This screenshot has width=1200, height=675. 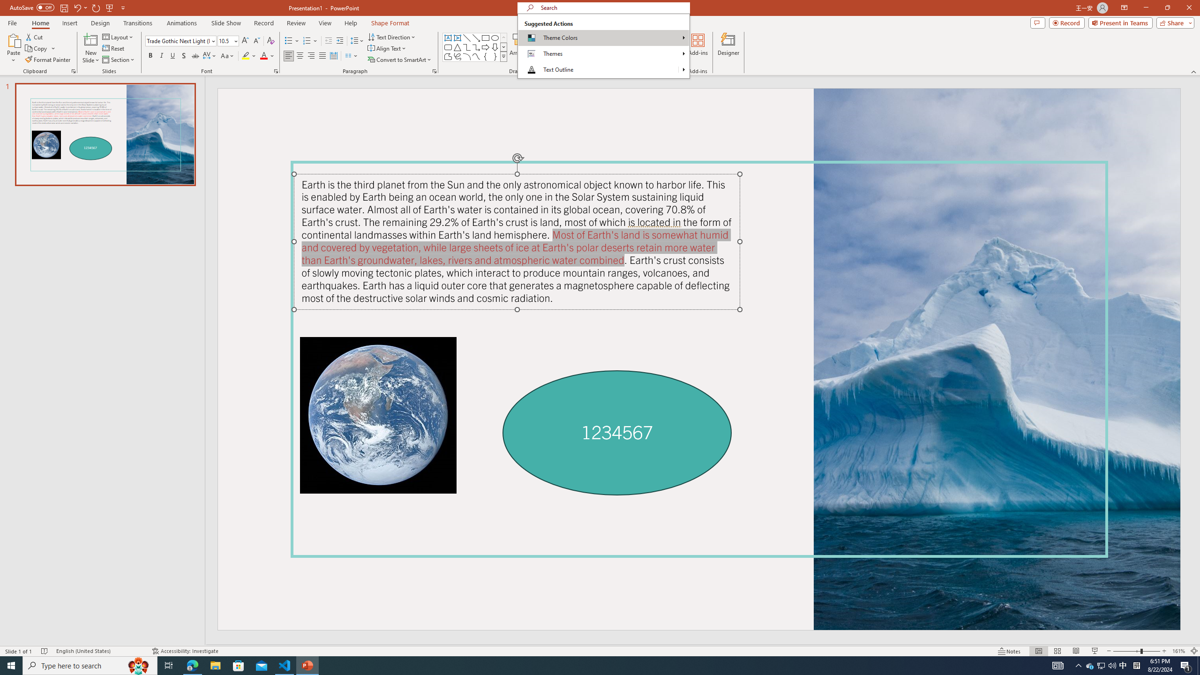 What do you see at coordinates (603, 70) in the screenshot?
I see `'Text Outline'` at bounding box center [603, 70].